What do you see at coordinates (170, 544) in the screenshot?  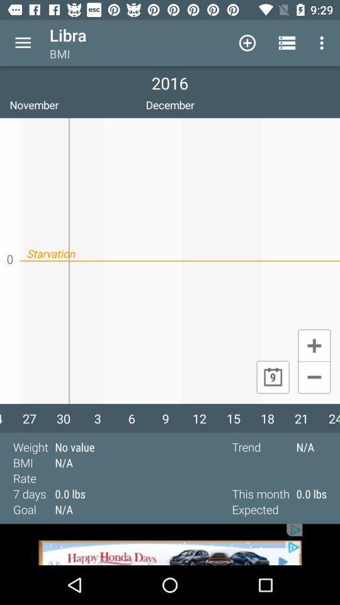 I see `advertisement page` at bounding box center [170, 544].